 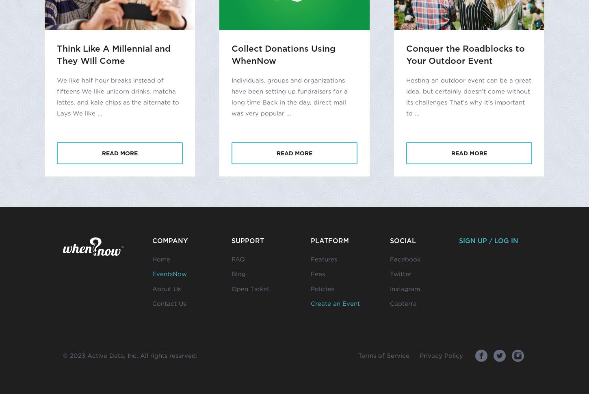 What do you see at coordinates (330, 240) in the screenshot?
I see `'Platform'` at bounding box center [330, 240].